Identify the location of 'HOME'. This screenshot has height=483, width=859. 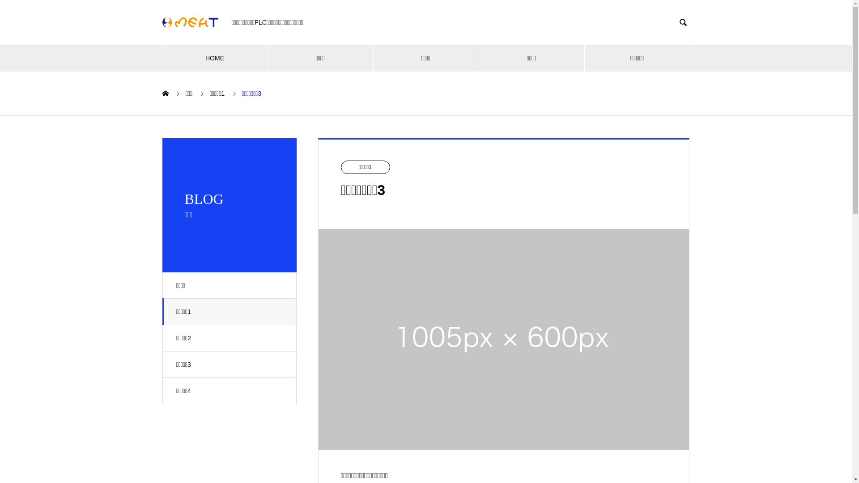
(214, 58).